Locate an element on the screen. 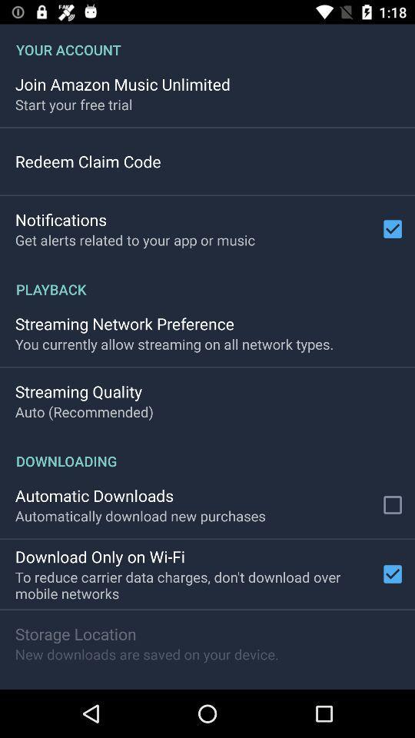  streaming quality is located at coordinates (78, 391).